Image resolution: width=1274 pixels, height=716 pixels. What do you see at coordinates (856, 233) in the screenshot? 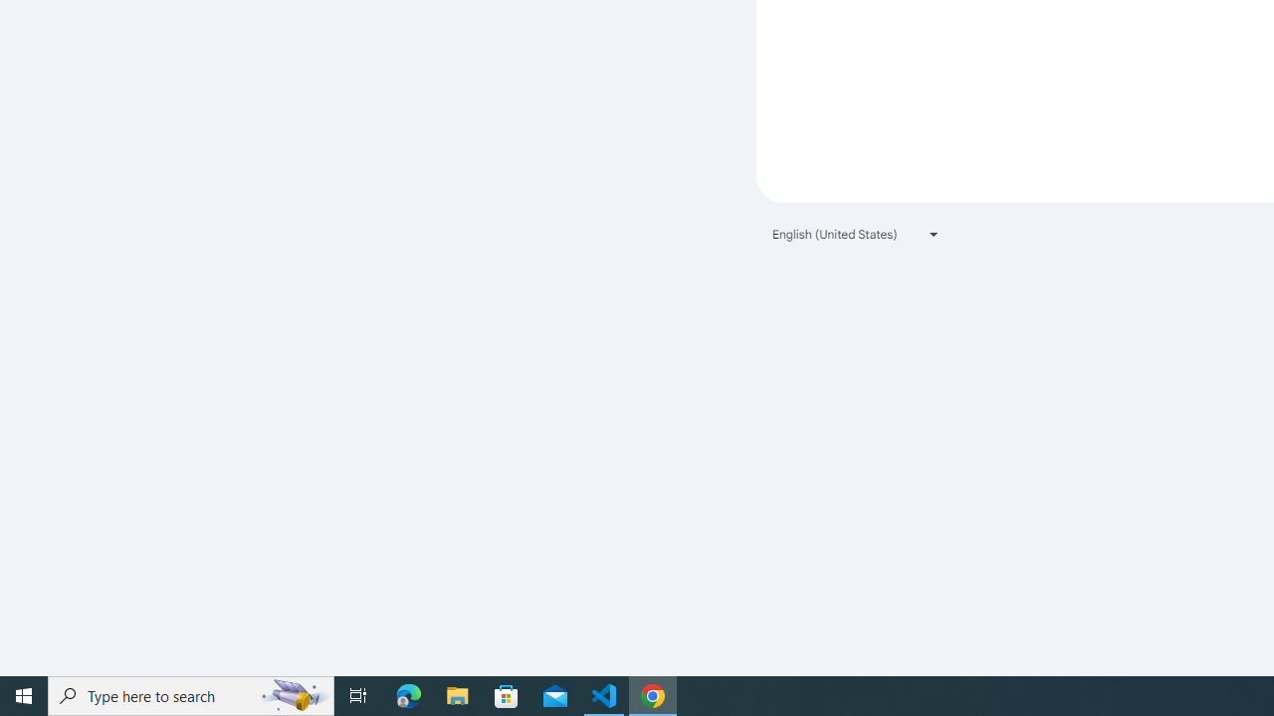
I see `'English (United States)'` at bounding box center [856, 233].